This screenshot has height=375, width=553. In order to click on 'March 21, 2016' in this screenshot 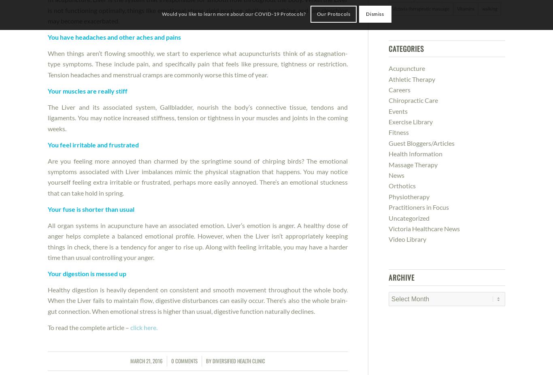, I will do `click(146, 360)`.